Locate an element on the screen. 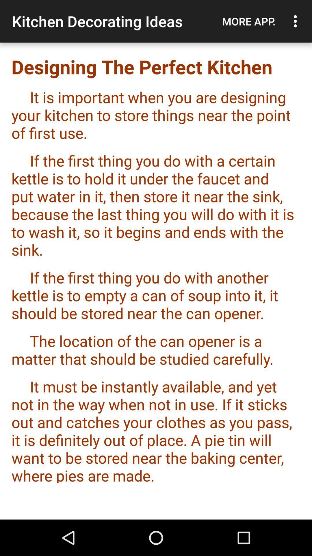  the item above designing the perfect icon is located at coordinates (248, 21).